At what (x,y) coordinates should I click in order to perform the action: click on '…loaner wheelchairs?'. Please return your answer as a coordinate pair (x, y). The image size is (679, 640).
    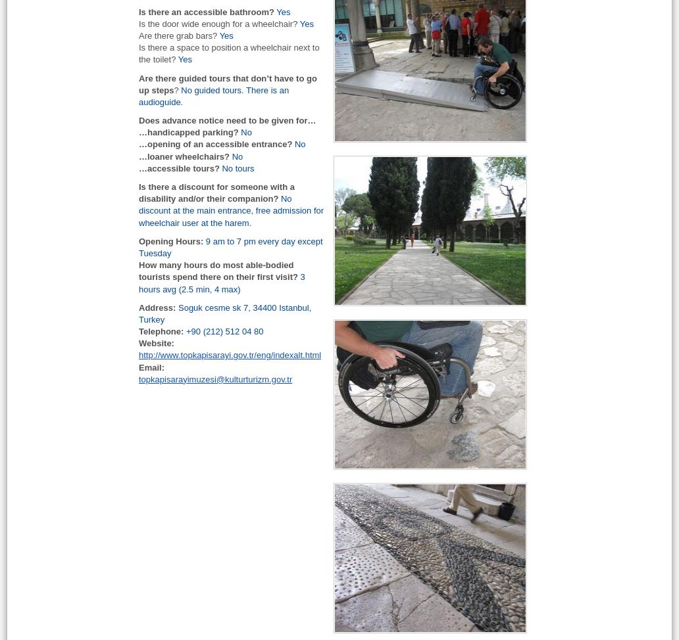
    Looking at the image, I should click on (138, 156).